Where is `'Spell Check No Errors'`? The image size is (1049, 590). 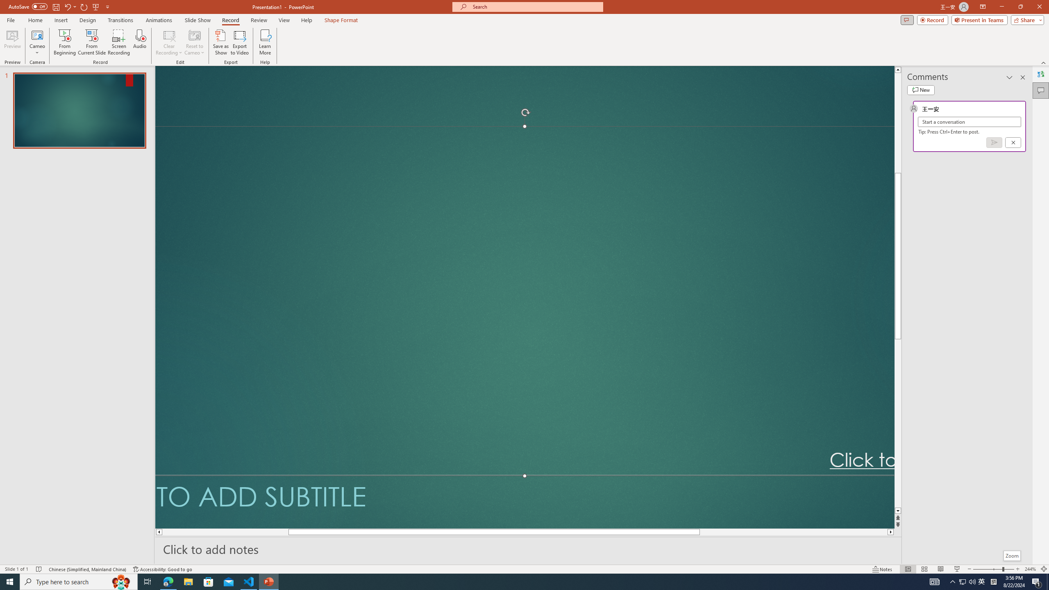 'Spell Check No Errors' is located at coordinates (39, 569).